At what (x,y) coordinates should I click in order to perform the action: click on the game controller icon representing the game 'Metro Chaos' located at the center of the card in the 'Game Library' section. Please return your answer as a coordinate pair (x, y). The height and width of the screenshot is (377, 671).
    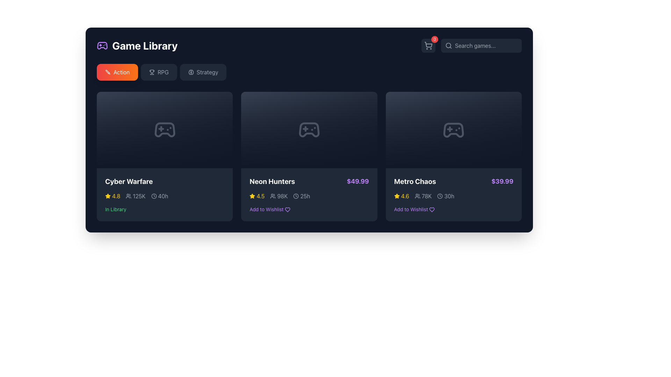
    Looking at the image, I should click on (454, 130).